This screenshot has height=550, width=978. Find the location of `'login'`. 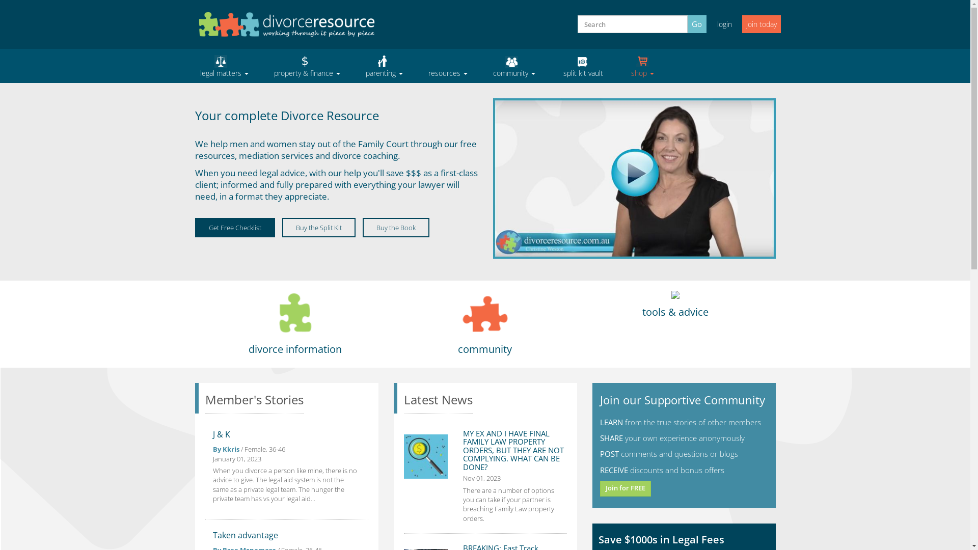

'login' is located at coordinates (709, 23).